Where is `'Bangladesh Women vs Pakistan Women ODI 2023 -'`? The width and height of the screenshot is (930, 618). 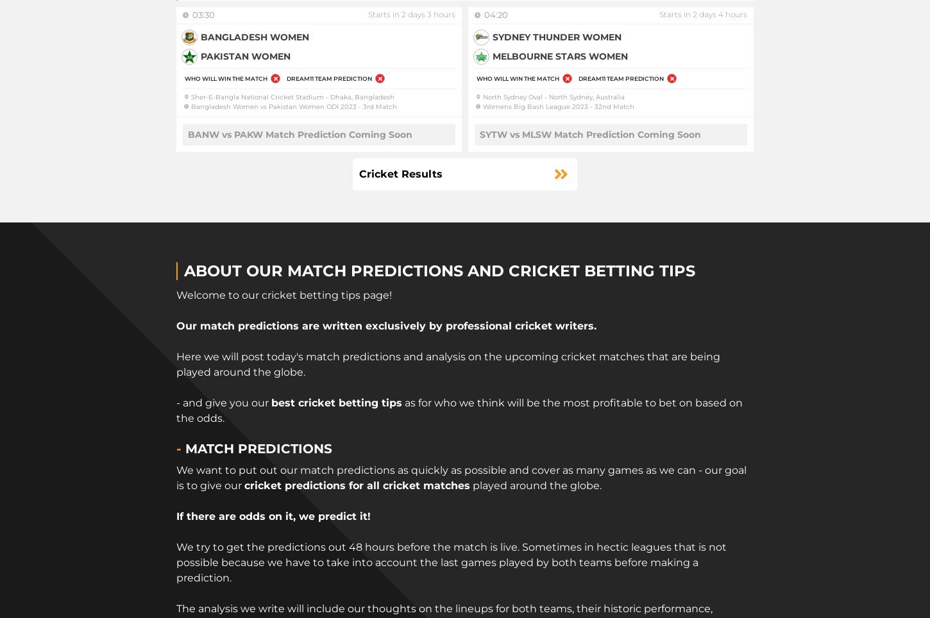 'Bangladesh Women vs Pakistan Women ODI 2023 -' is located at coordinates (276, 105).